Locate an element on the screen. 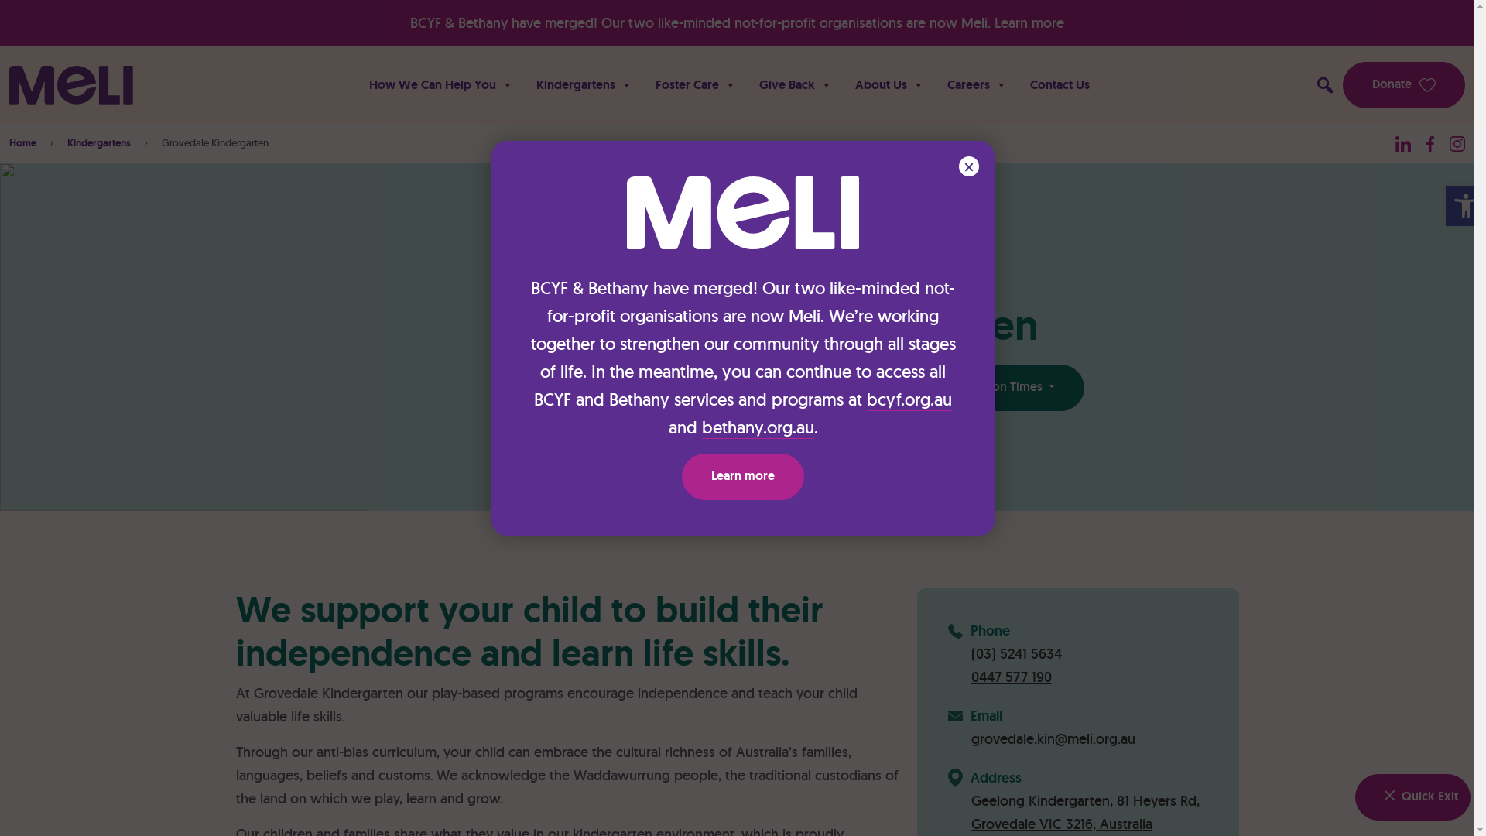 The image size is (1486, 836). 'Contact Us' is located at coordinates (1059, 85).